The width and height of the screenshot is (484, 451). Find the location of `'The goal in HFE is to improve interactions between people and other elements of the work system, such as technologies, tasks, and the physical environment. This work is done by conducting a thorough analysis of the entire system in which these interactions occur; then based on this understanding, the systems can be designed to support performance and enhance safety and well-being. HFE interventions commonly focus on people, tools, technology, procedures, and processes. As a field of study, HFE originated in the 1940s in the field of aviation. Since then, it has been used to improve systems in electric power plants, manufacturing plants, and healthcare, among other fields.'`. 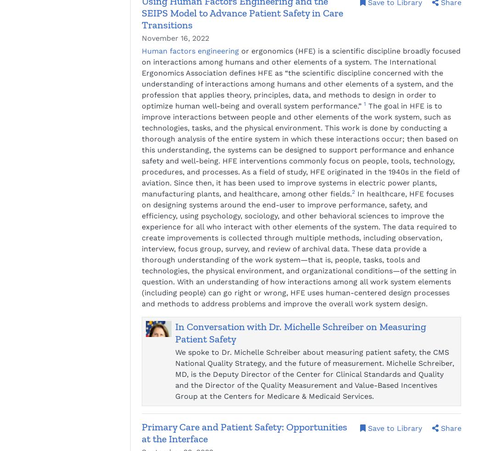

'The goal in HFE is to improve interactions between people and other elements of the work system, such as technologies, tasks, and the physical environment. This work is done by conducting a thorough analysis of the entire system in which these interactions occur; then based on this understanding, the systems can be designed to support performance and enhance safety and well-being. HFE interventions commonly focus on people, tools, technology, procedures, and processes. As a field of study, HFE originated in the 1940s in the field of aviation. Since then, it has been used to improve systems in electric power plants, manufacturing plants, and healthcare, among other fields.' is located at coordinates (300, 150).